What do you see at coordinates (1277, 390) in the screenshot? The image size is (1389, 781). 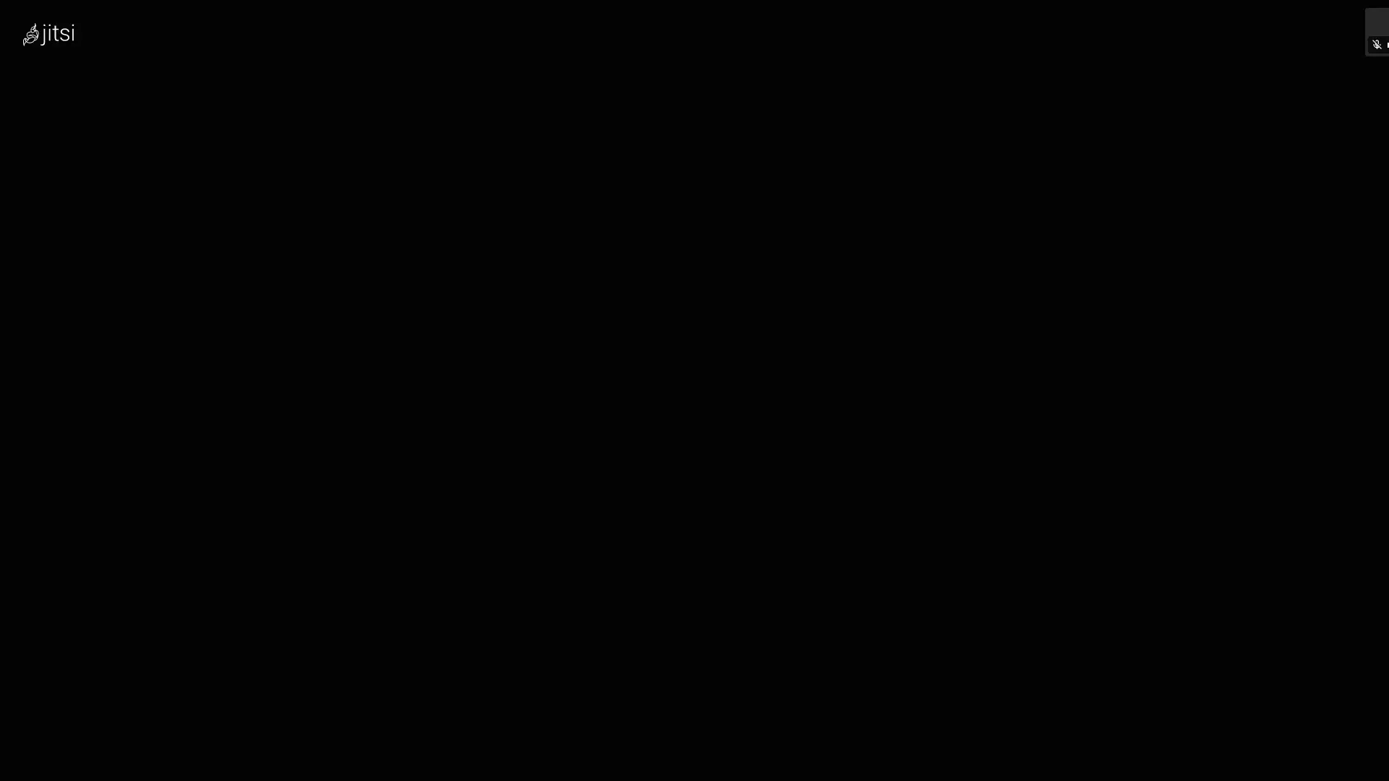 I see `Toggle filmstrip` at bounding box center [1277, 390].